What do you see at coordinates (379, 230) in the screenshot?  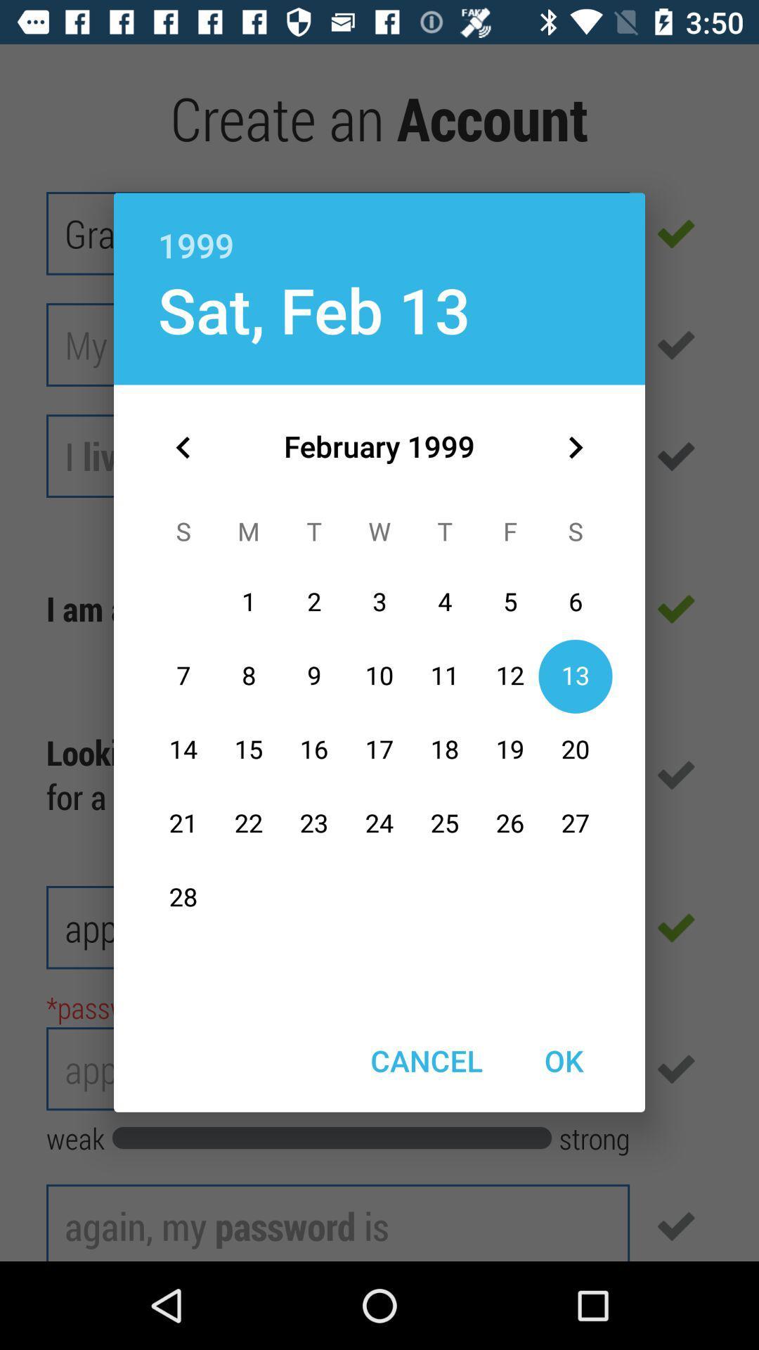 I see `1999 icon` at bounding box center [379, 230].